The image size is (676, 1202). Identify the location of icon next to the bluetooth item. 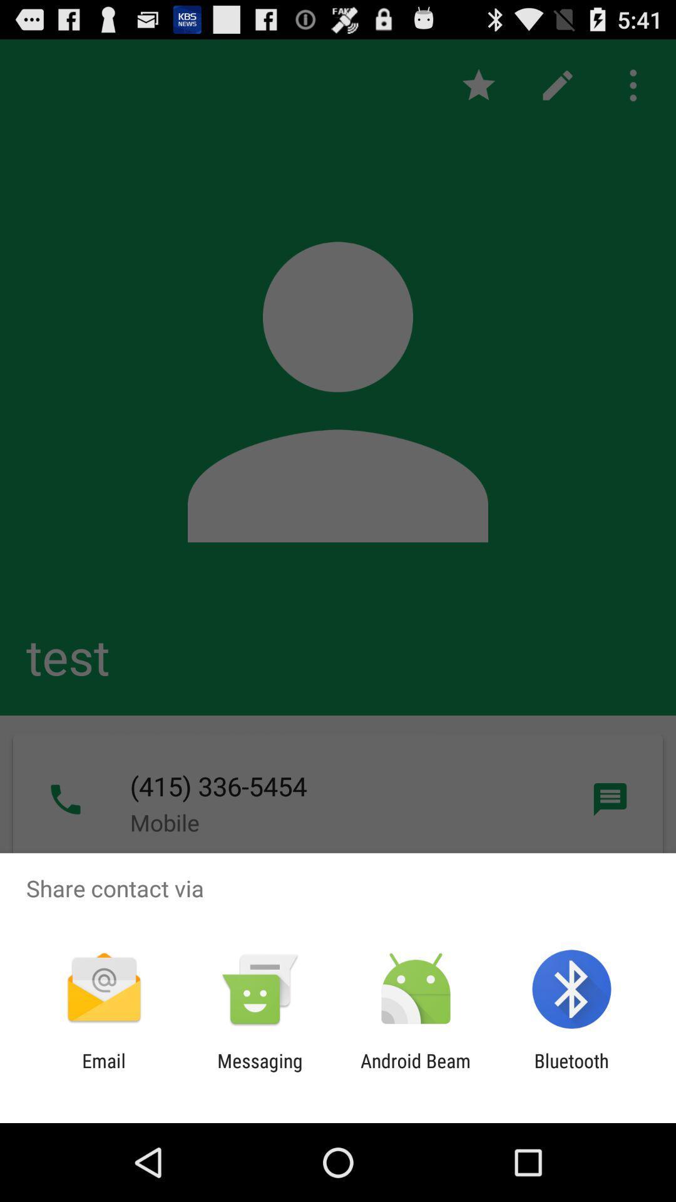
(416, 1071).